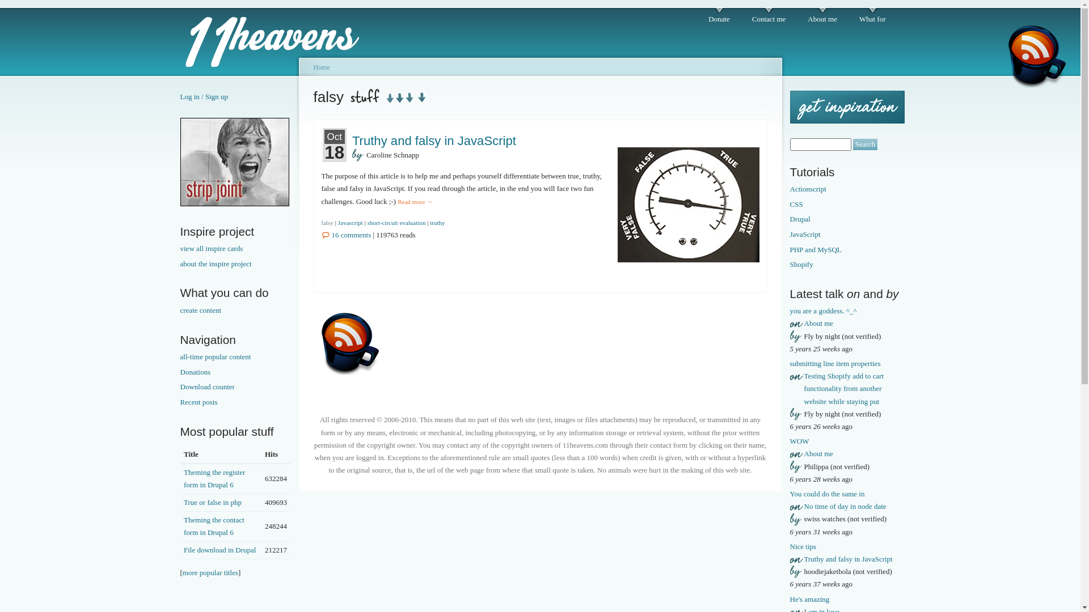 The image size is (1089, 612). What do you see at coordinates (845, 205) in the screenshot?
I see `'CSS'` at bounding box center [845, 205].